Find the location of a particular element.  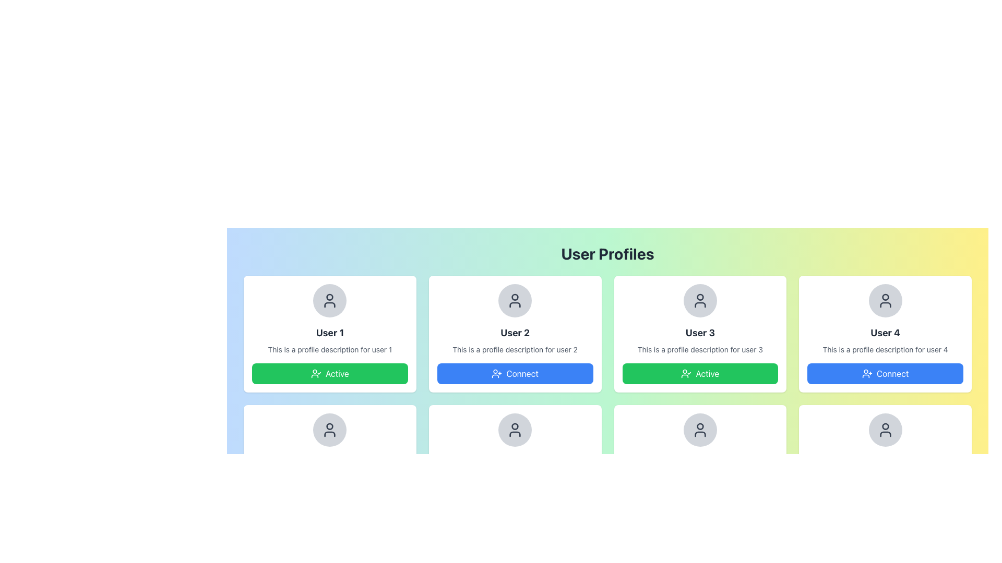

the user profile name label located in the first profile card, which is positioned below the avatar icon and above the descriptive text and green 'Active' button is located at coordinates (329, 333).